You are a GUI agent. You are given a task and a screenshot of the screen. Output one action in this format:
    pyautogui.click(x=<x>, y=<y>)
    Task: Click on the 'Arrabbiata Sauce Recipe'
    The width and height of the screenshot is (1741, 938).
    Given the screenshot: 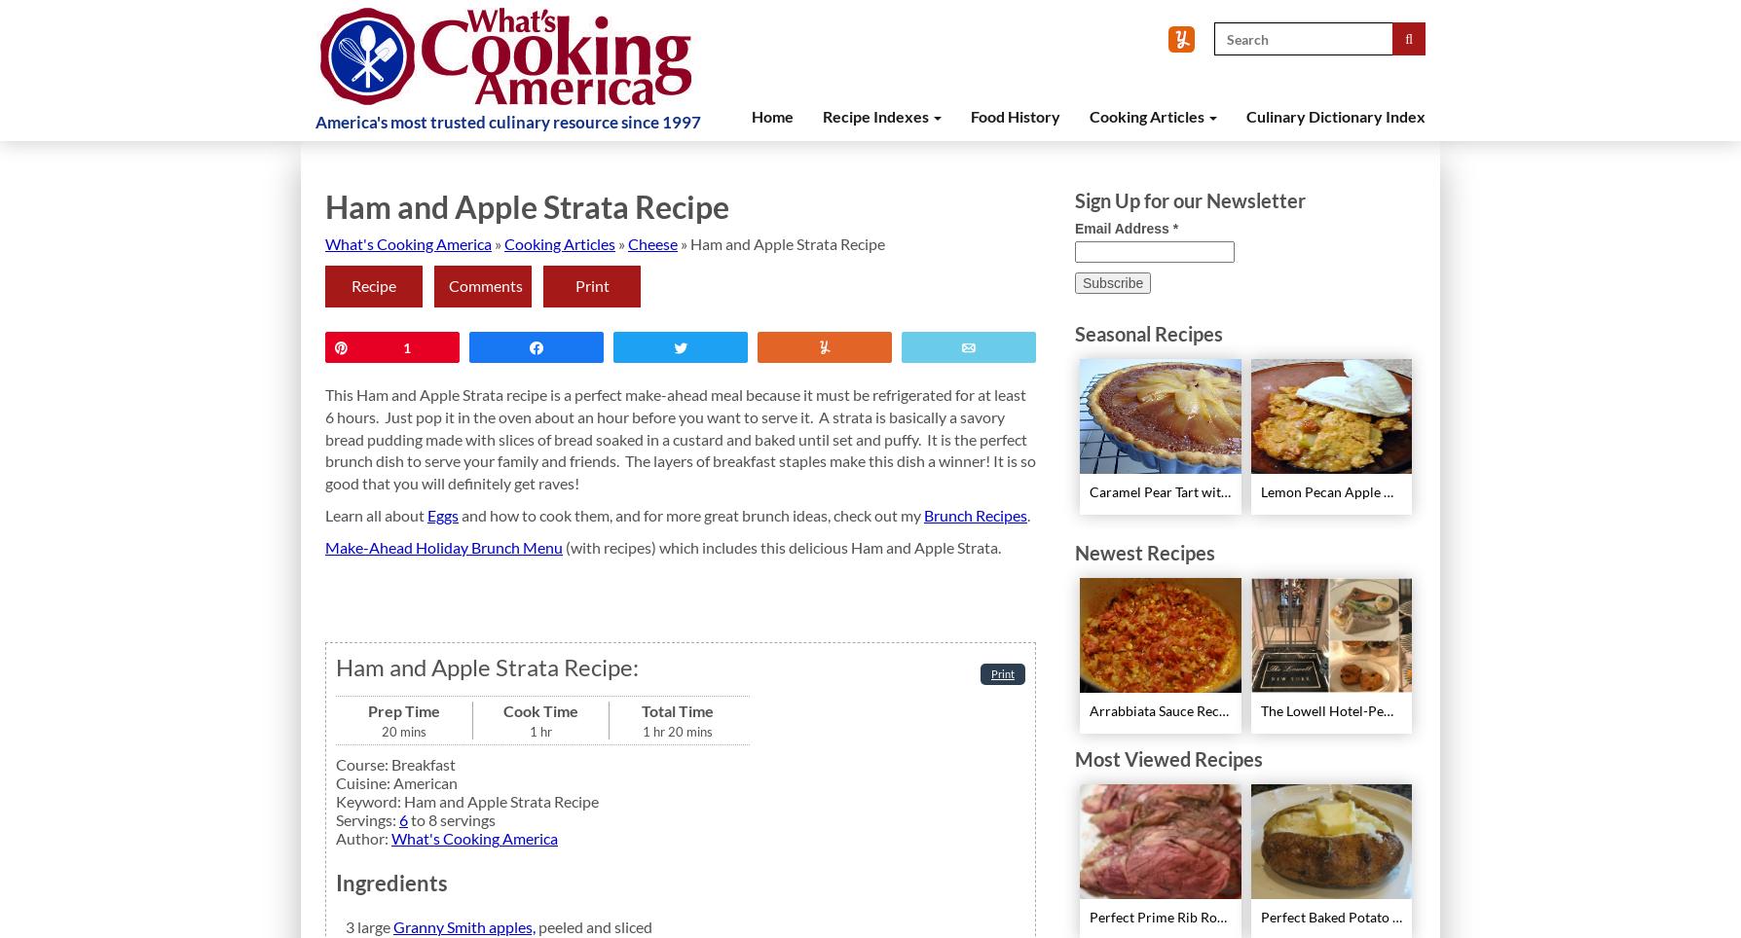 What is the action you would take?
    pyautogui.click(x=1162, y=709)
    